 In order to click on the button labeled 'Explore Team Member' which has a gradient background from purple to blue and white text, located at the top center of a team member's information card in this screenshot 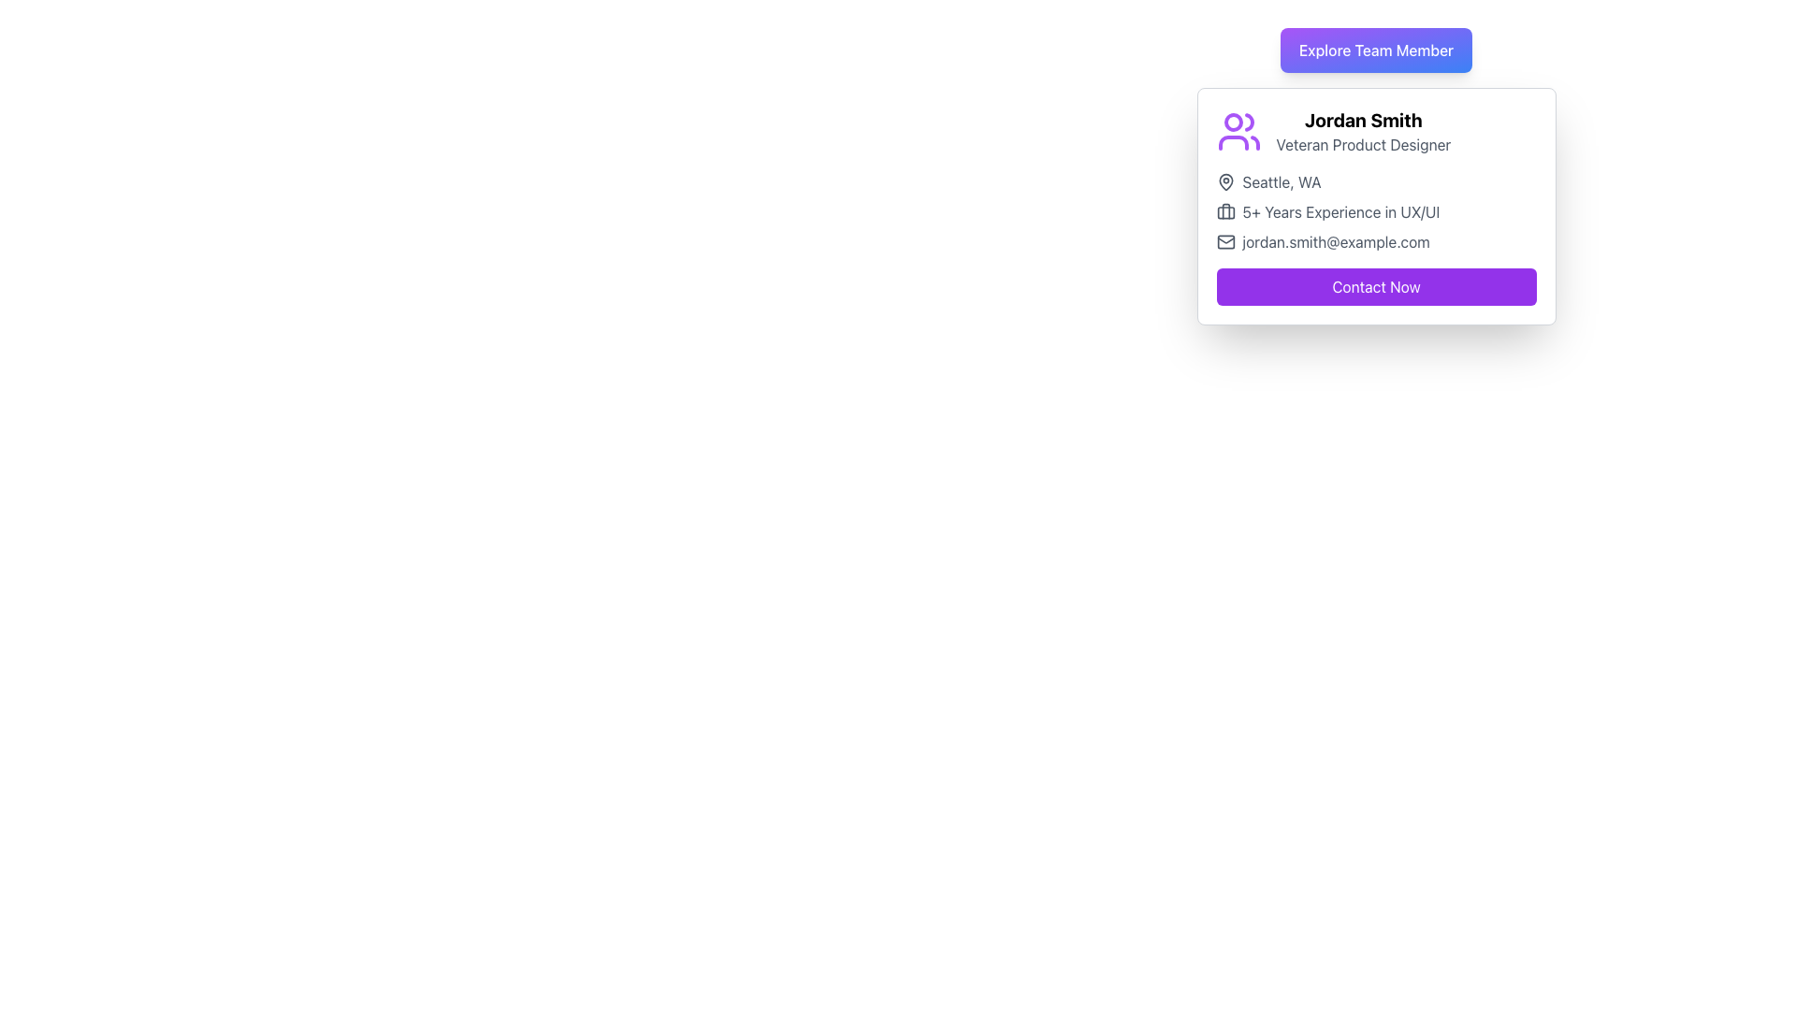, I will do `click(1376, 50)`.